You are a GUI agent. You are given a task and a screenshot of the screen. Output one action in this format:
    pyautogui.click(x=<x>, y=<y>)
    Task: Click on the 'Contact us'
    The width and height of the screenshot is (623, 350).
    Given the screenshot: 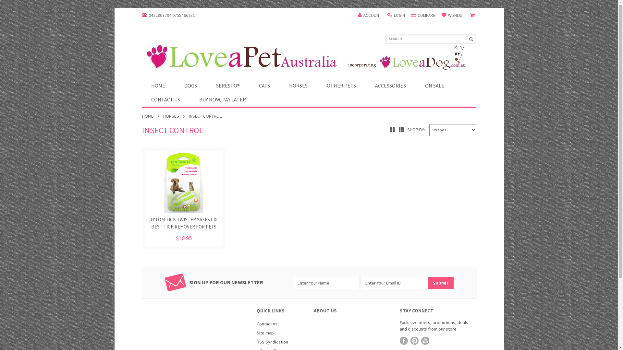 What is the action you would take?
    pyautogui.click(x=267, y=324)
    